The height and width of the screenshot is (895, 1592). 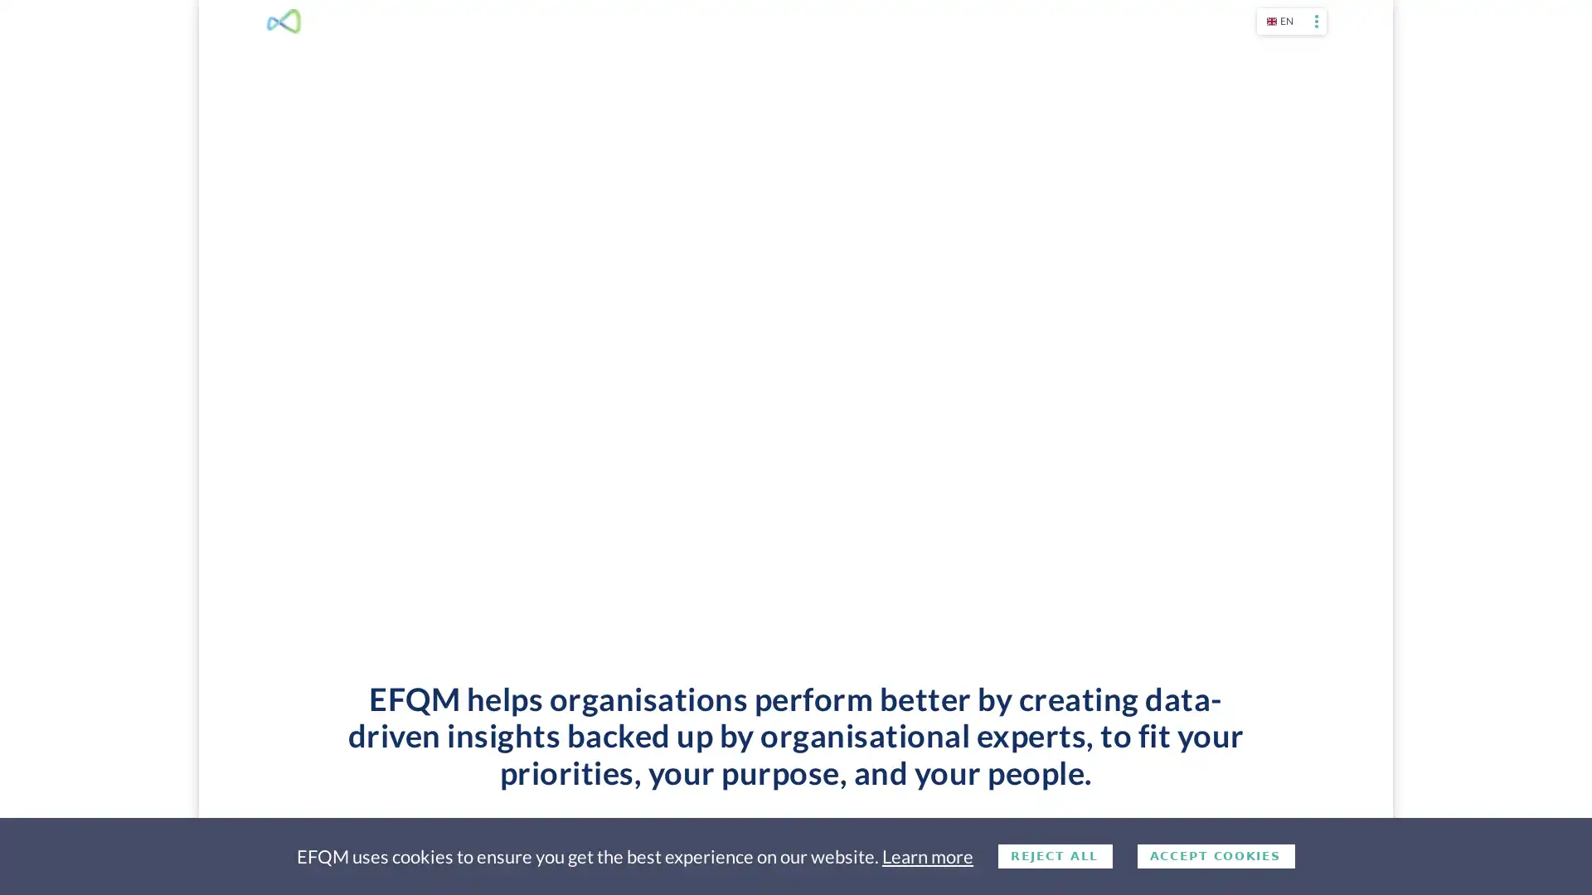 I want to click on SHOP, so click(x=840, y=22).